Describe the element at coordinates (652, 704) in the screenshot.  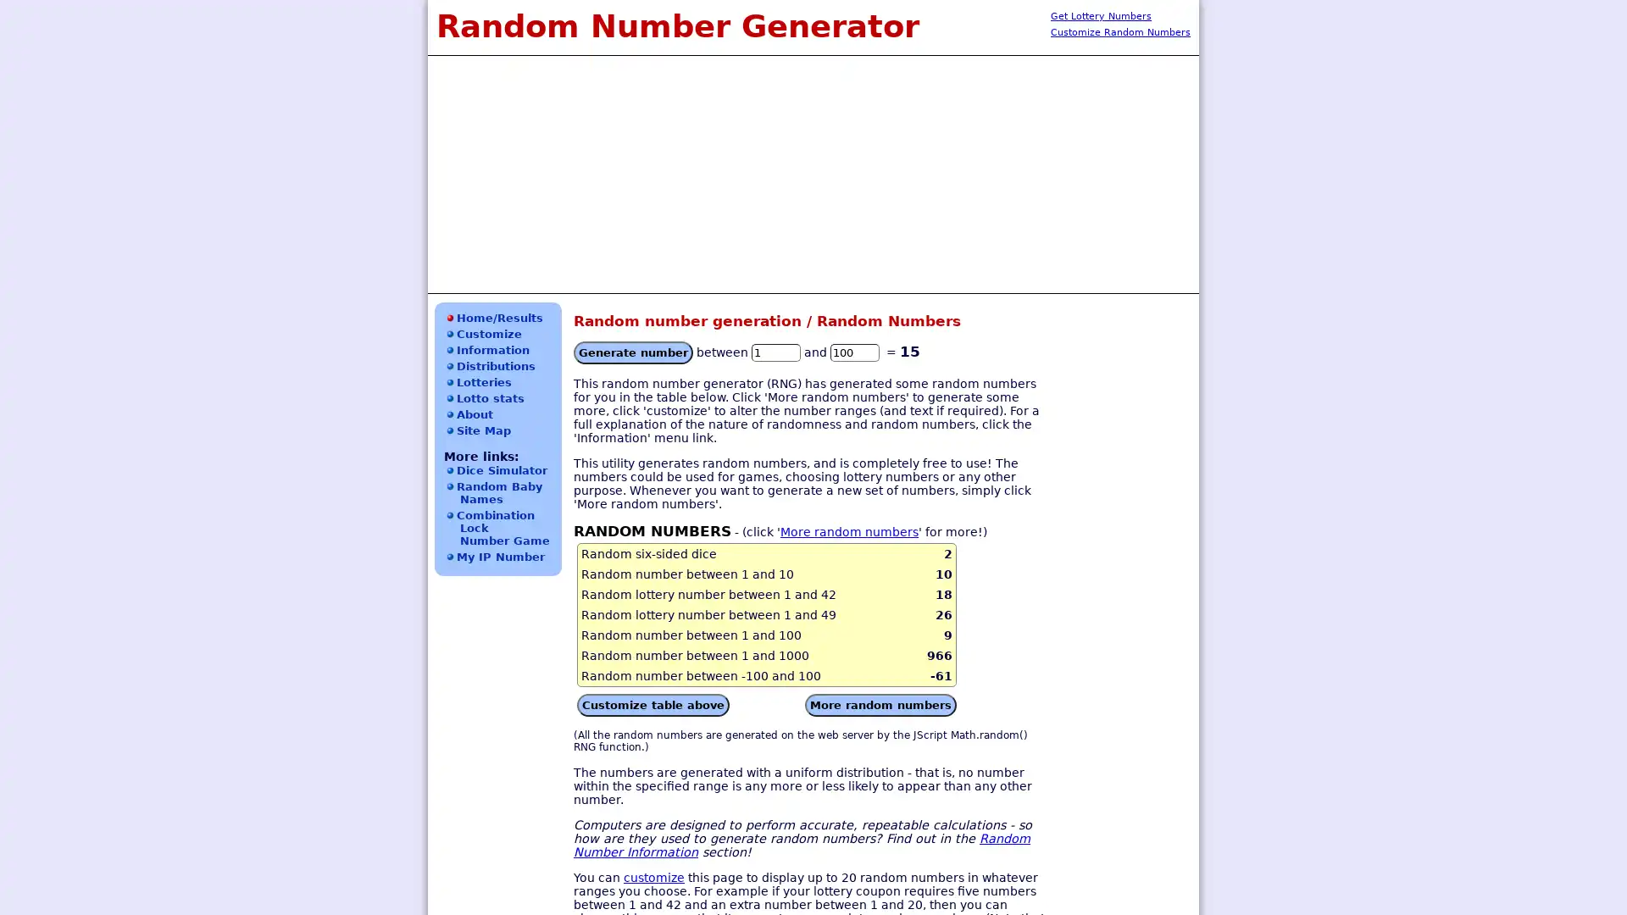
I see `Customize table above` at that location.